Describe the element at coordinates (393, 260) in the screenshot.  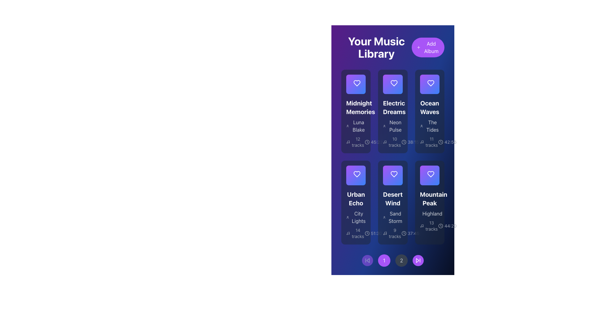
I see `the third navigation button located at the bottom center of the interface` at that location.